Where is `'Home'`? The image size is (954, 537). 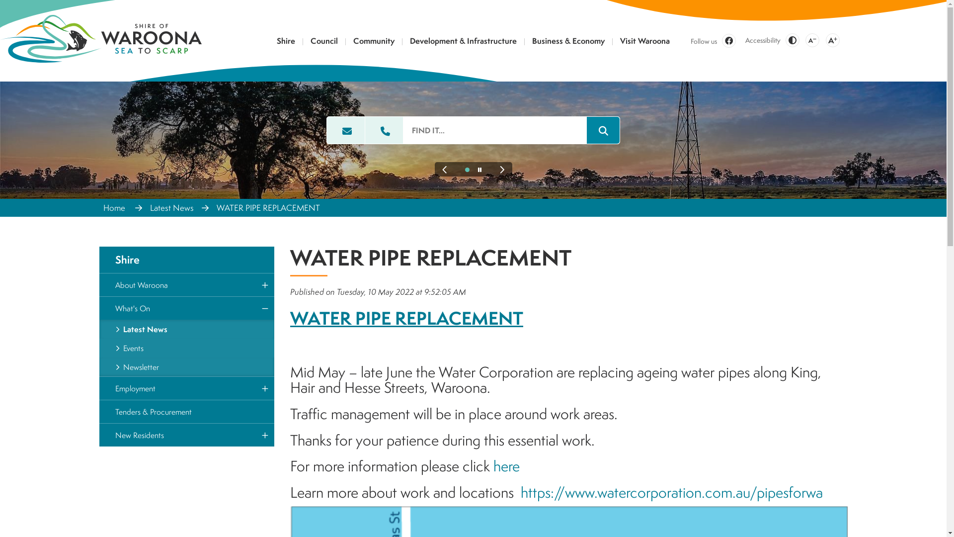
'Home' is located at coordinates (115, 207).